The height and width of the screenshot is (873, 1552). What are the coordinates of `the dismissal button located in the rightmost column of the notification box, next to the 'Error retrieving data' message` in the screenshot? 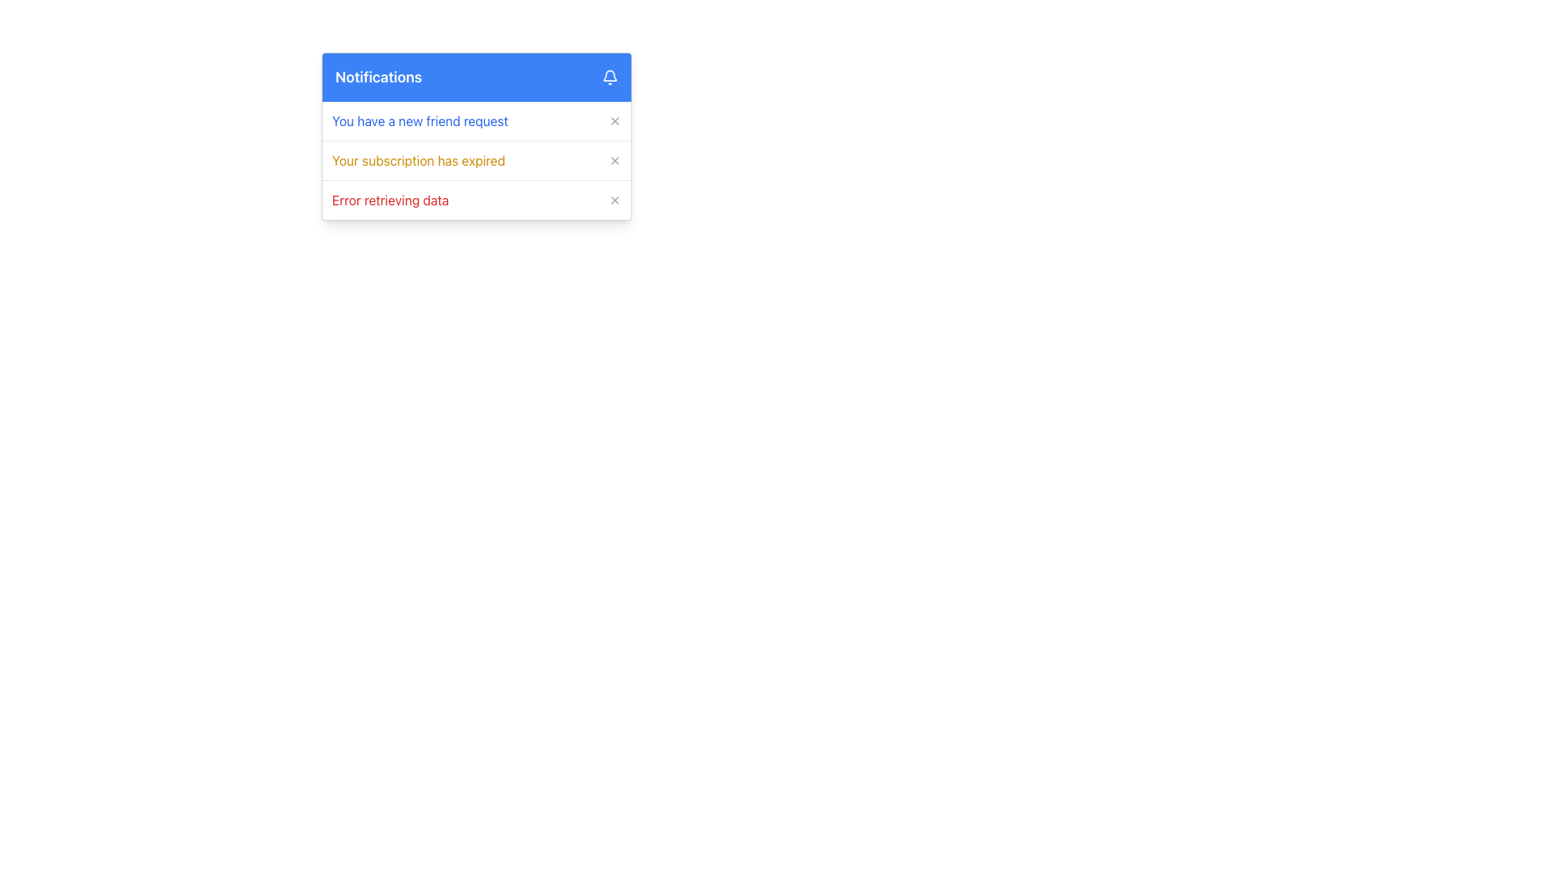 It's located at (614, 199).